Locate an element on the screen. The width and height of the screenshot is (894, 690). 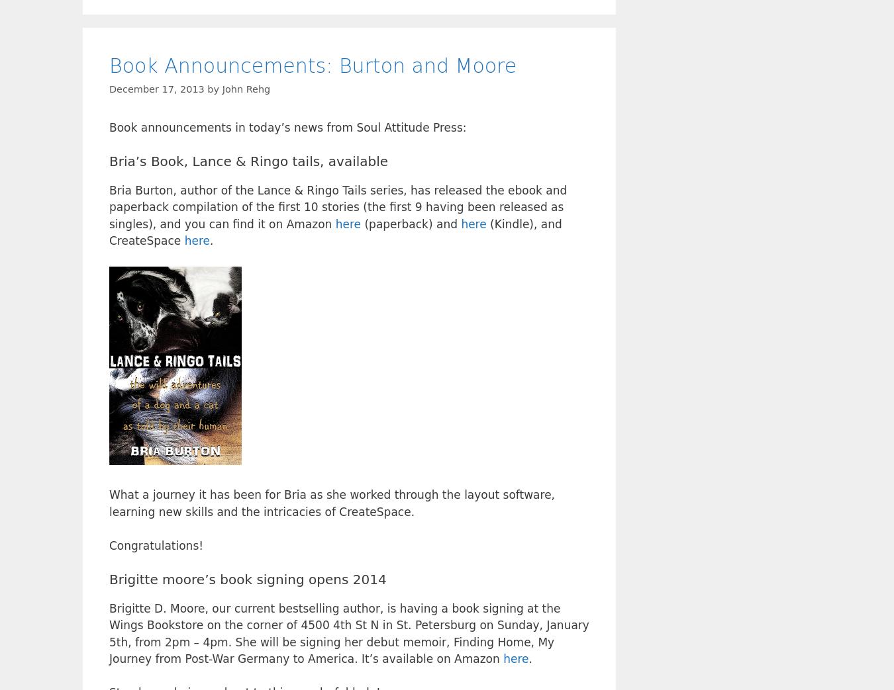
'(paperback) and' is located at coordinates (411, 223).